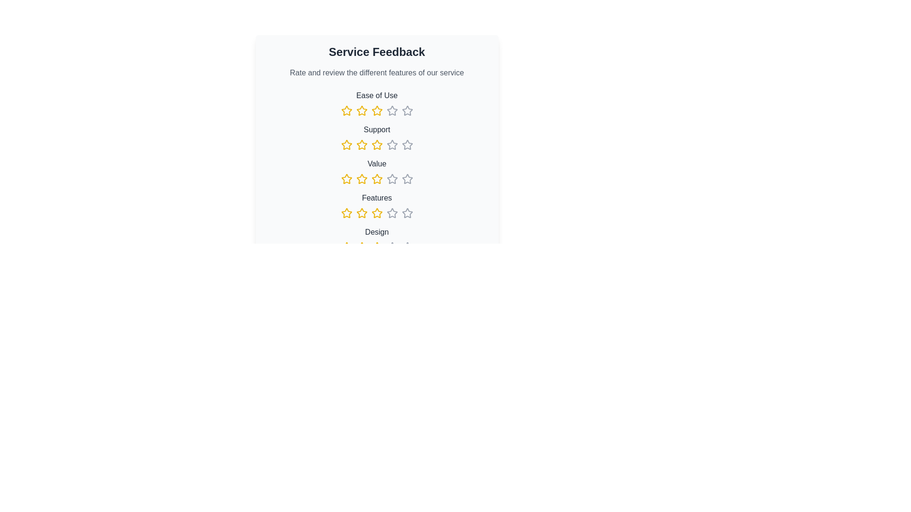 Image resolution: width=911 pixels, height=512 pixels. Describe the element at coordinates (376, 172) in the screenshot. I see `the star icons in the 'Value' rating component` at that location.